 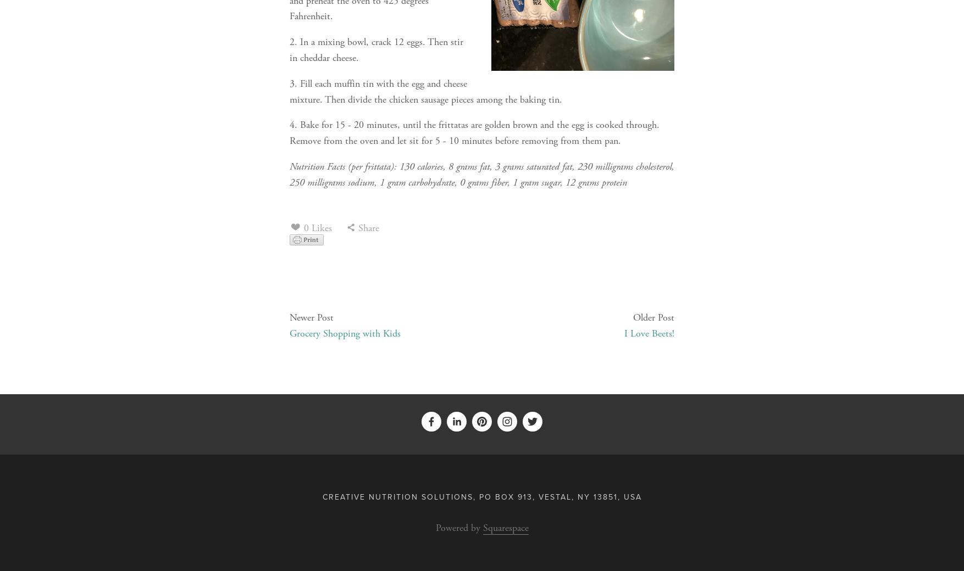 I want to click on '0 Likes', so click(x=304, y=227).